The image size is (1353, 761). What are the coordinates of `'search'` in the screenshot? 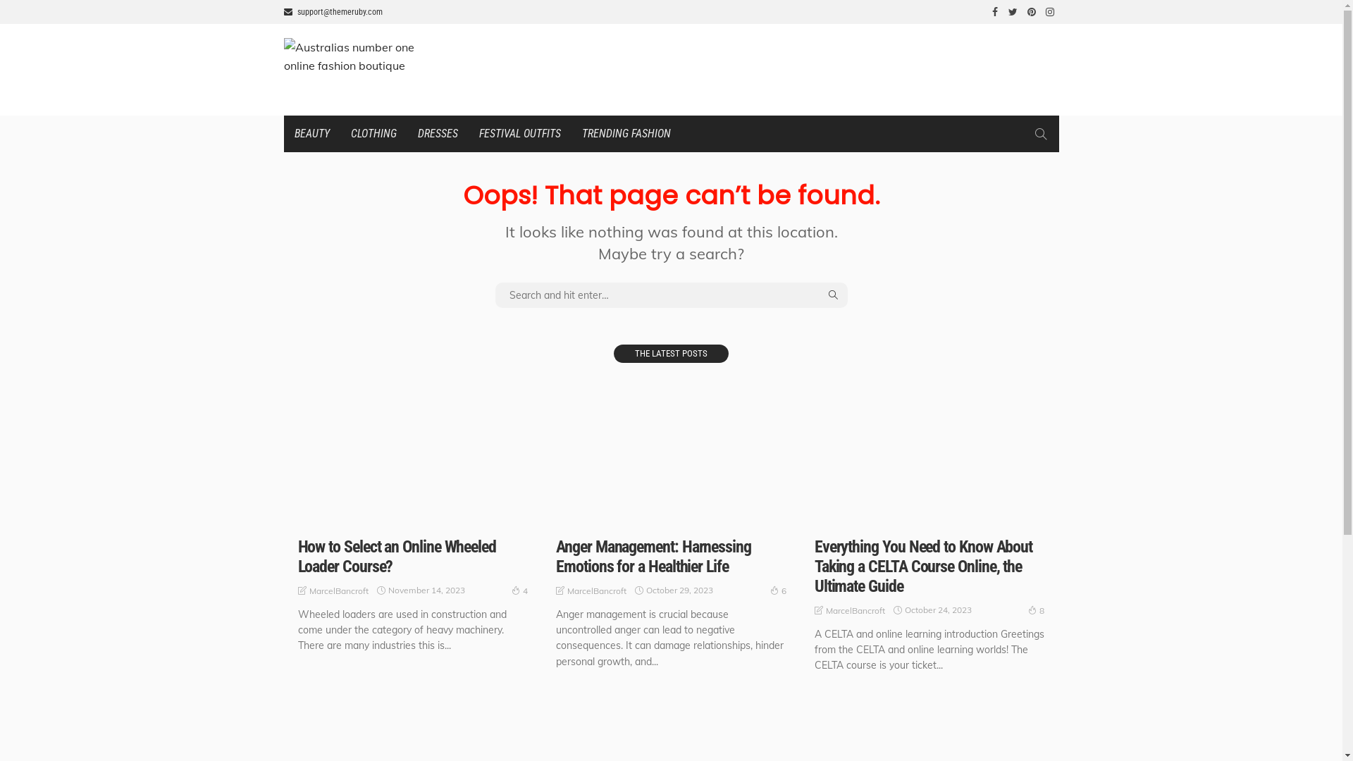 It's located at (1021, 133).